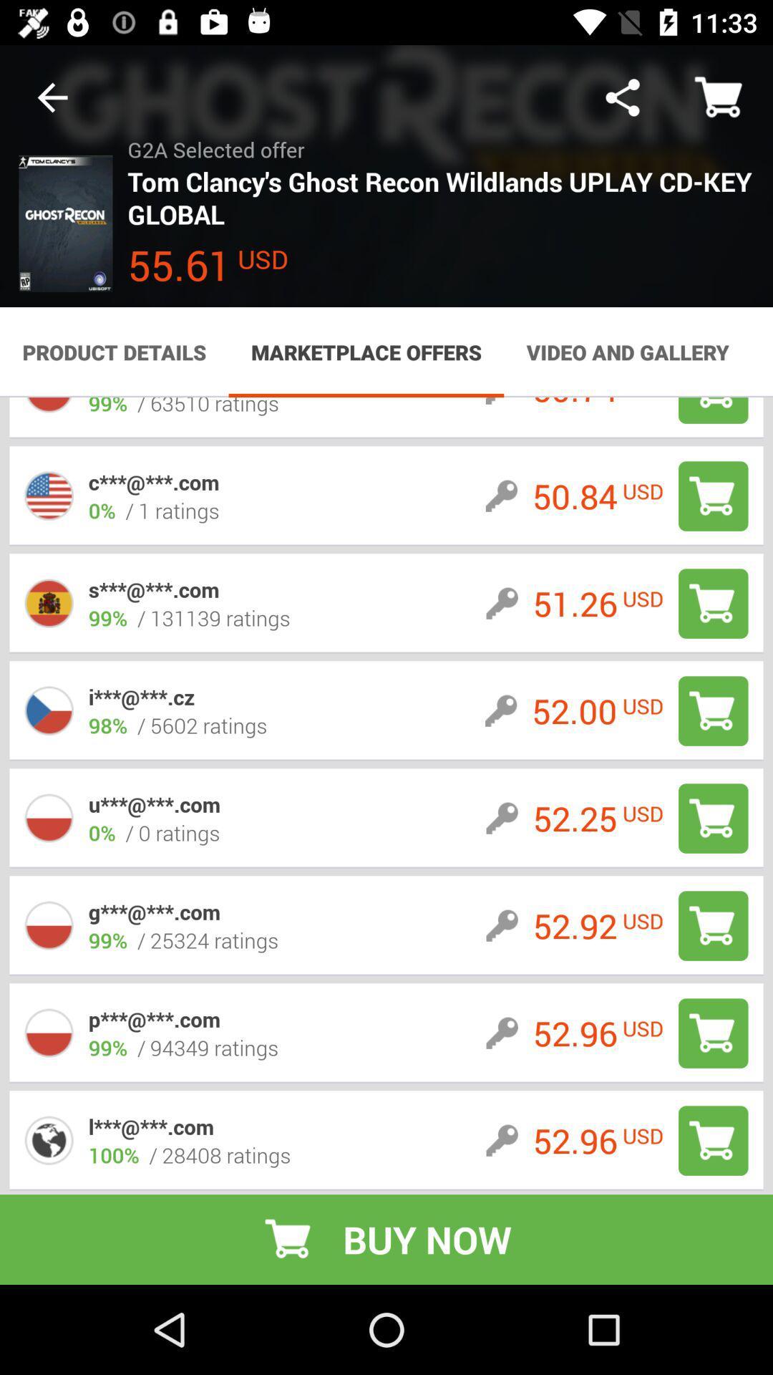 The image size is (773, 1375). Describe the element at coordinates (713, 604) in the screenshot. I see `shopping` at that location.